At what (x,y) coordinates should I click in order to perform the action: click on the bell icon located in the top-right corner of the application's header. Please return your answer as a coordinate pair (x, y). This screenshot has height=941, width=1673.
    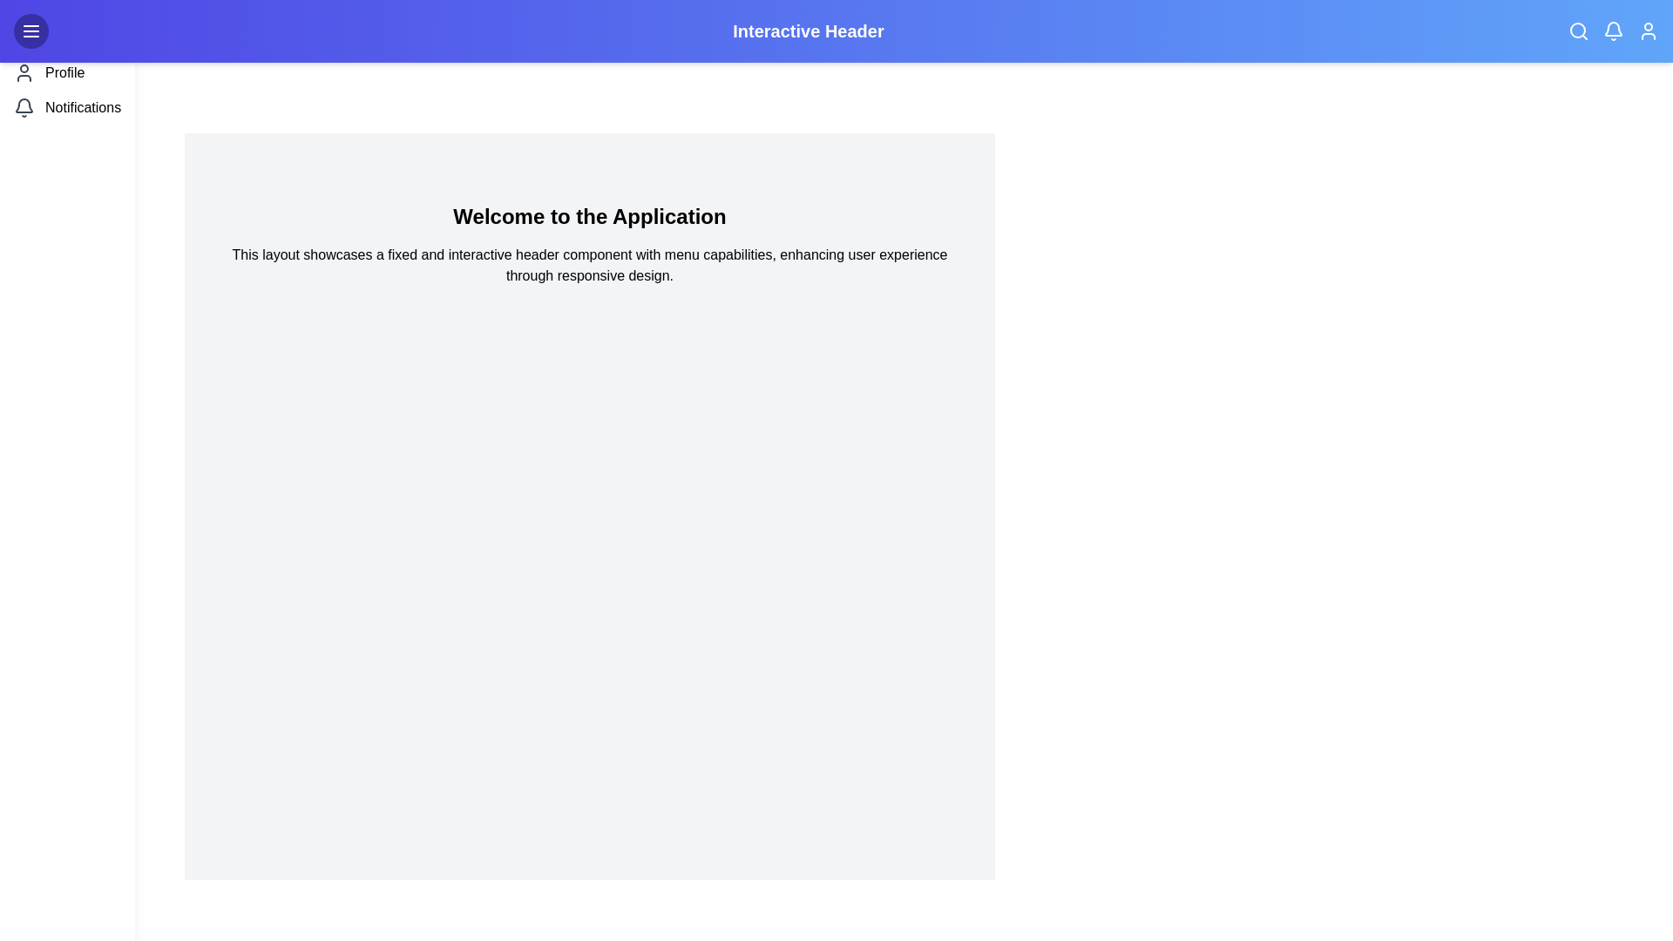
    Looking at the image, I should click on (1613, 30).